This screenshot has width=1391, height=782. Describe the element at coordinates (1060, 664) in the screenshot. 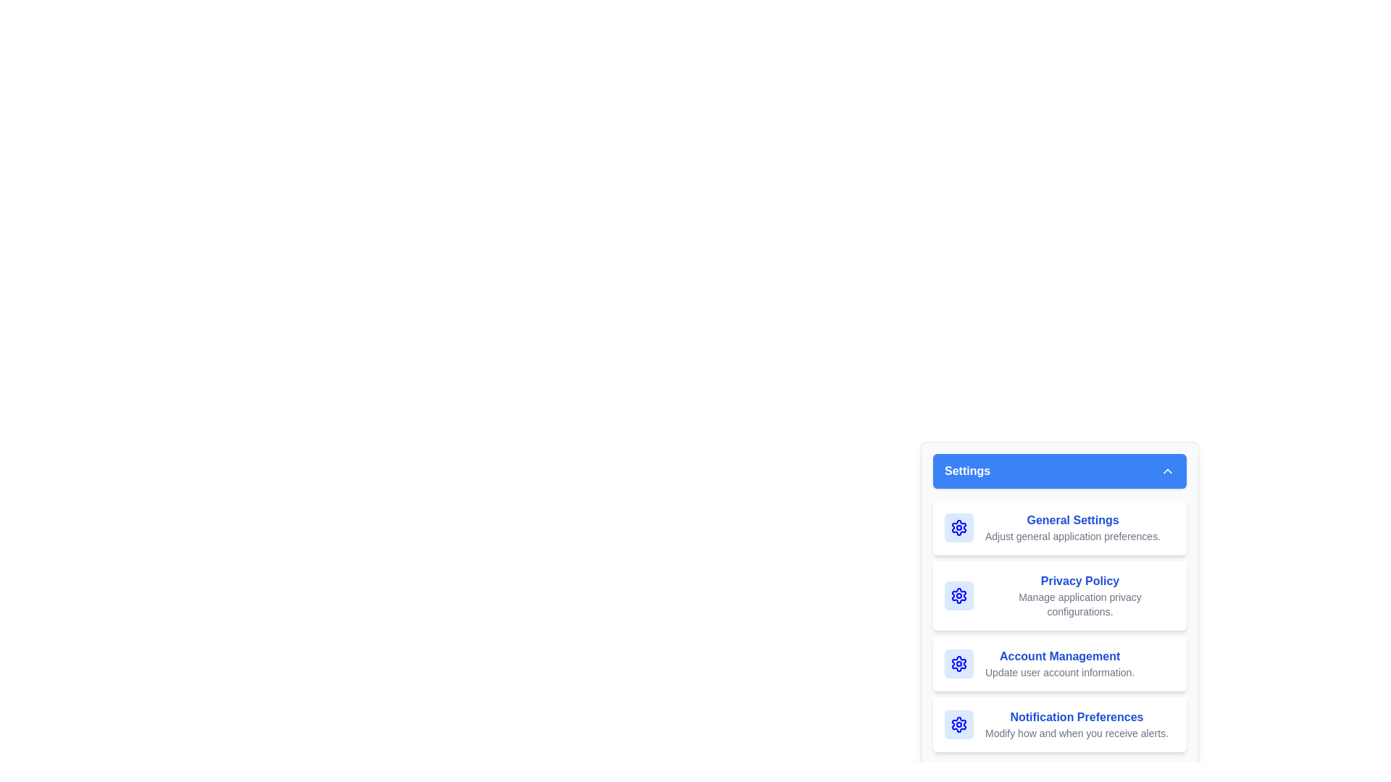

I see `the menu item Account Management from the dropdown` at that location.